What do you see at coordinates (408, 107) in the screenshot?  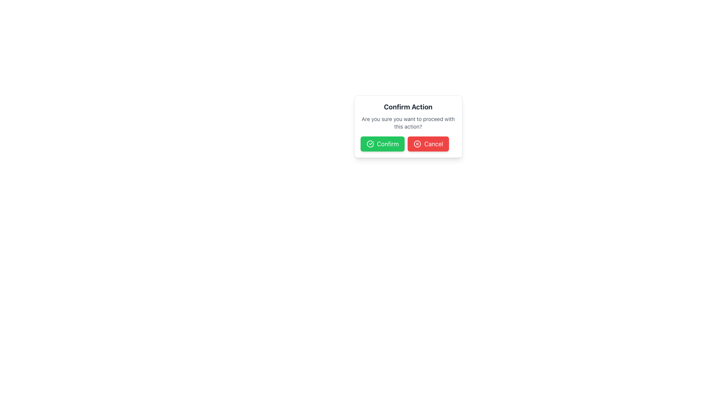 I see `the title text label in the modal dialog that confirms an action, which is positioned at the top of the white modal window` at bounding box center [408, 107].